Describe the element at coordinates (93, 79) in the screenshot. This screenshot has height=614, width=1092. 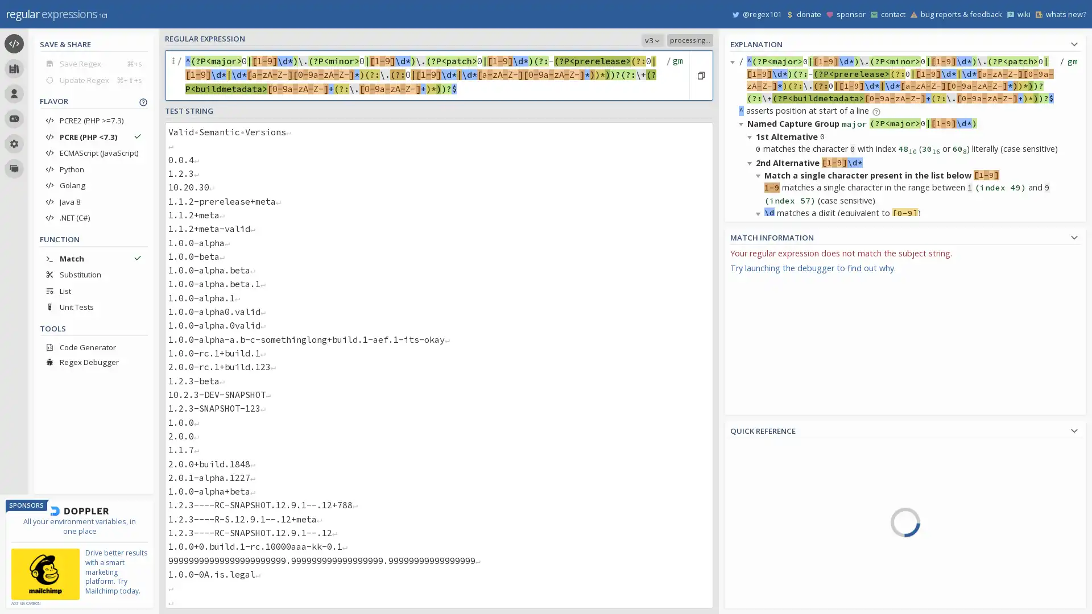
I see `Update Regex ++s` at that location.